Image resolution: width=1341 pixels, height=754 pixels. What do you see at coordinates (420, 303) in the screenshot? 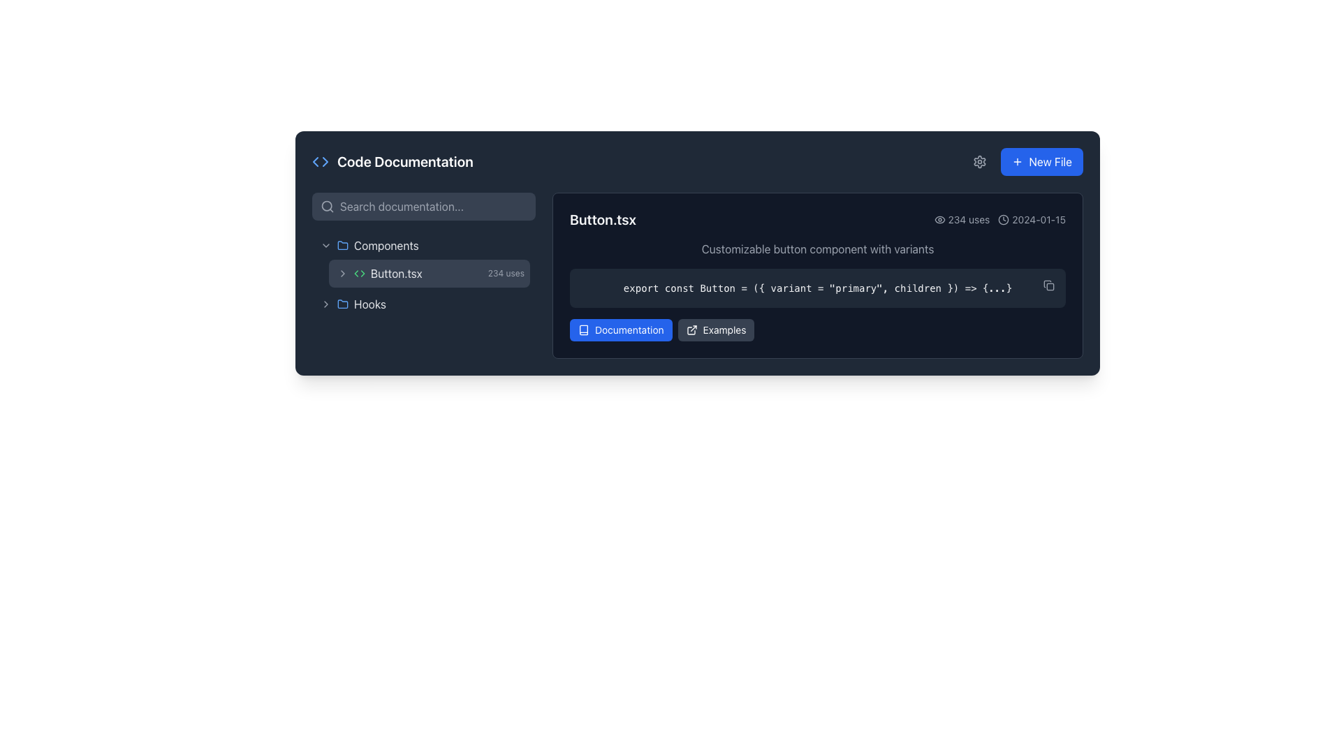
I see `the 'Hooks' folder item in the hierarchical navigation list` at bounding box center [420, 303].